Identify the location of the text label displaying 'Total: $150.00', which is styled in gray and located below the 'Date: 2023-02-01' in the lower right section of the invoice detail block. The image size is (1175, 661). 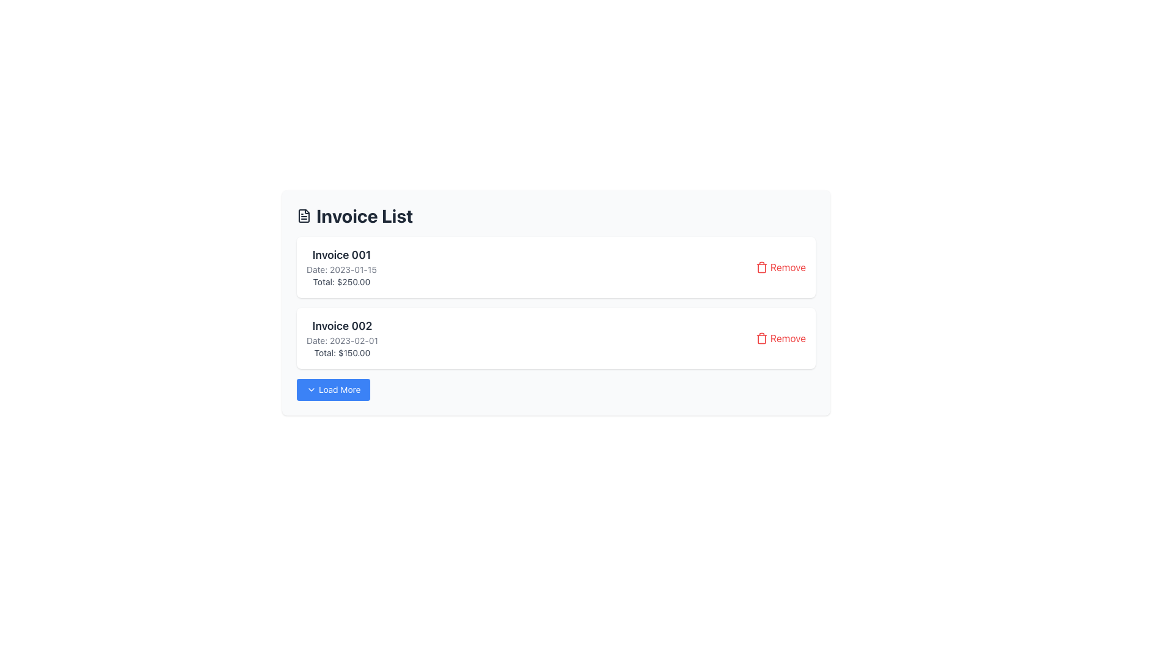
(342, 353).